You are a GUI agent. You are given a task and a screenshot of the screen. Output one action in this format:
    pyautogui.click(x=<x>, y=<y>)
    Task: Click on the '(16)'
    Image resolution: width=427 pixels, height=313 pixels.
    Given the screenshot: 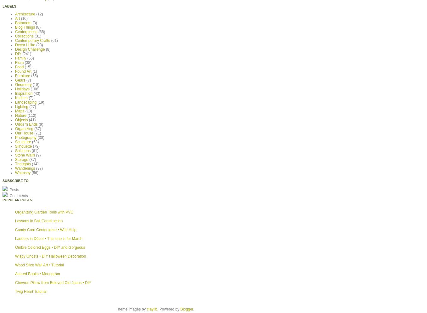 What is the action you would take?
    pyautogui.click(x=24, y=18)
    